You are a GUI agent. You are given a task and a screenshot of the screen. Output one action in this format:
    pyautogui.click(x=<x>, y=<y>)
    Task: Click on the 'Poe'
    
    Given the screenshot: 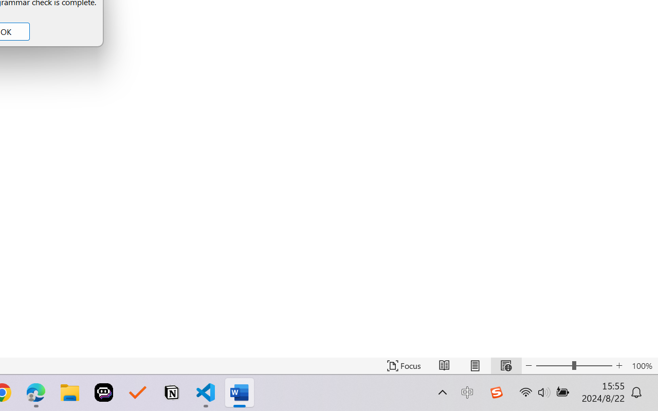 What is the action you would take?
    pyautogui.click(x=104, y=393)
    